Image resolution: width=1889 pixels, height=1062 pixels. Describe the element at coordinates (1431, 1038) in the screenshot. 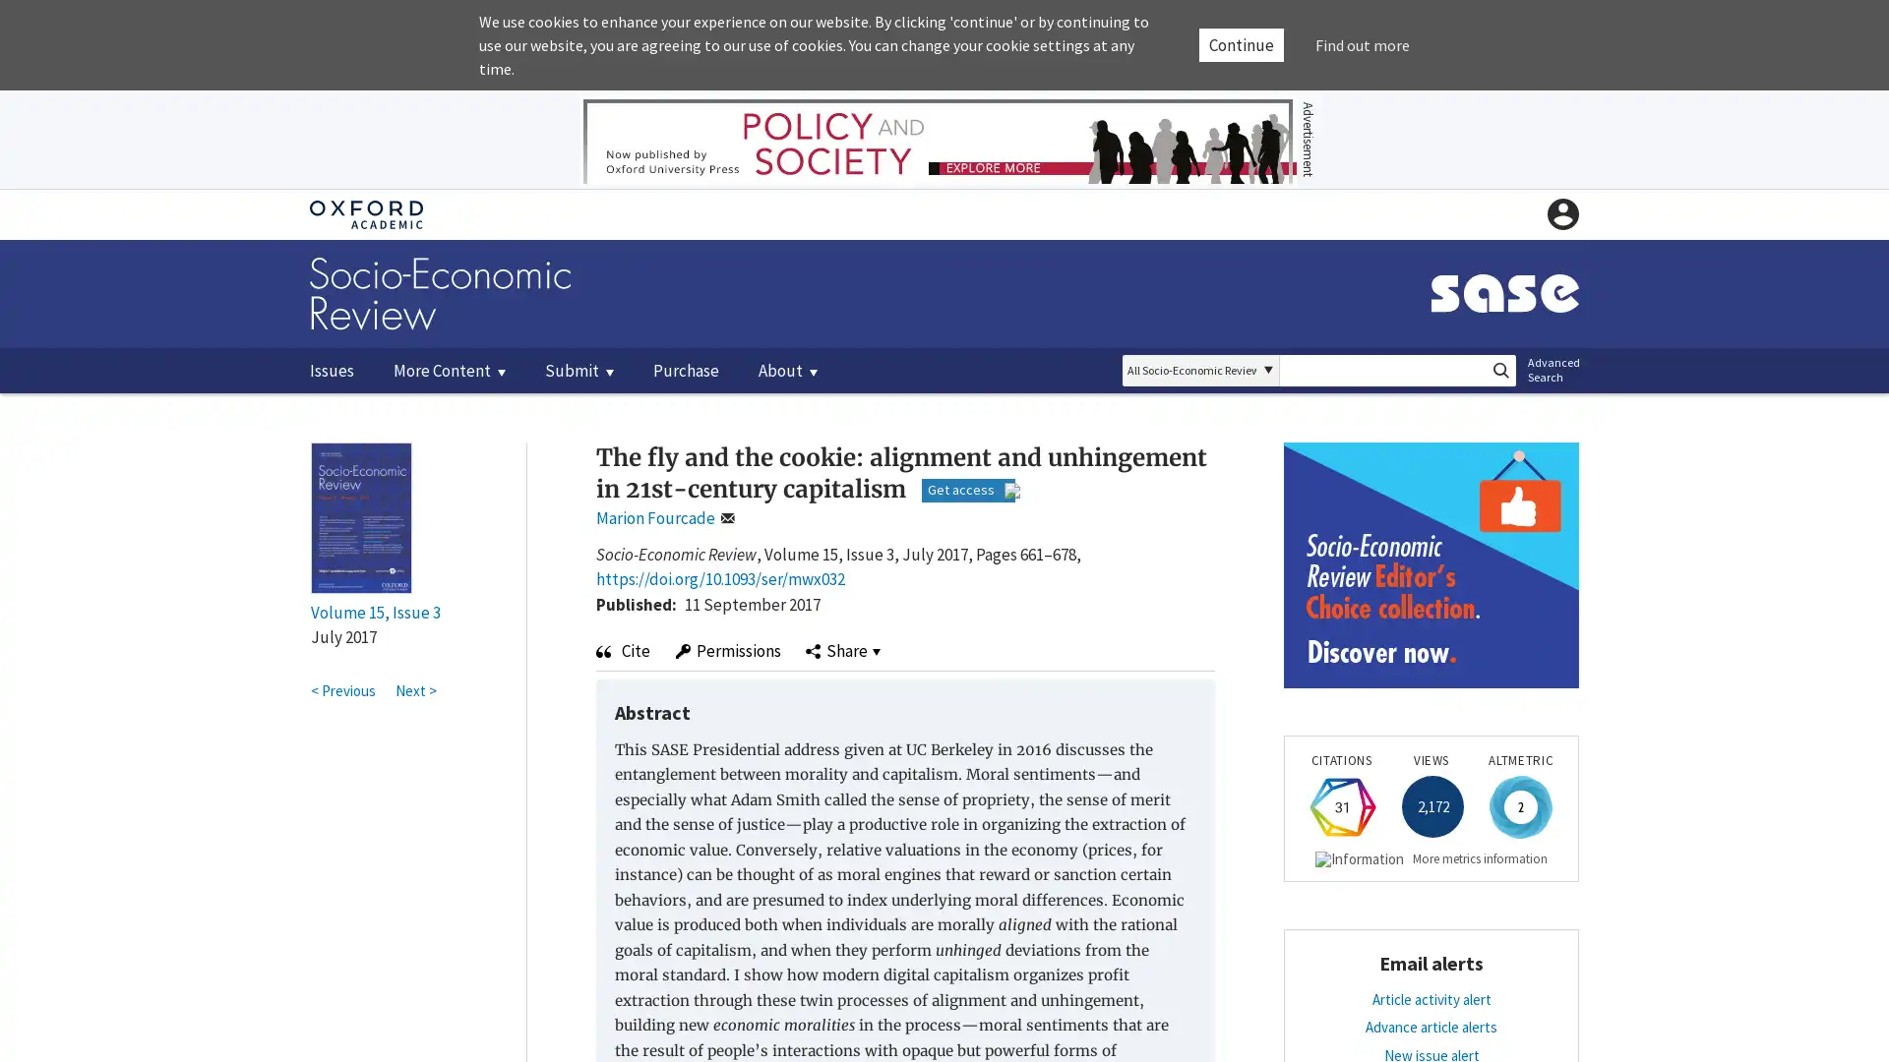

I see `Advance article alerts` at that location.